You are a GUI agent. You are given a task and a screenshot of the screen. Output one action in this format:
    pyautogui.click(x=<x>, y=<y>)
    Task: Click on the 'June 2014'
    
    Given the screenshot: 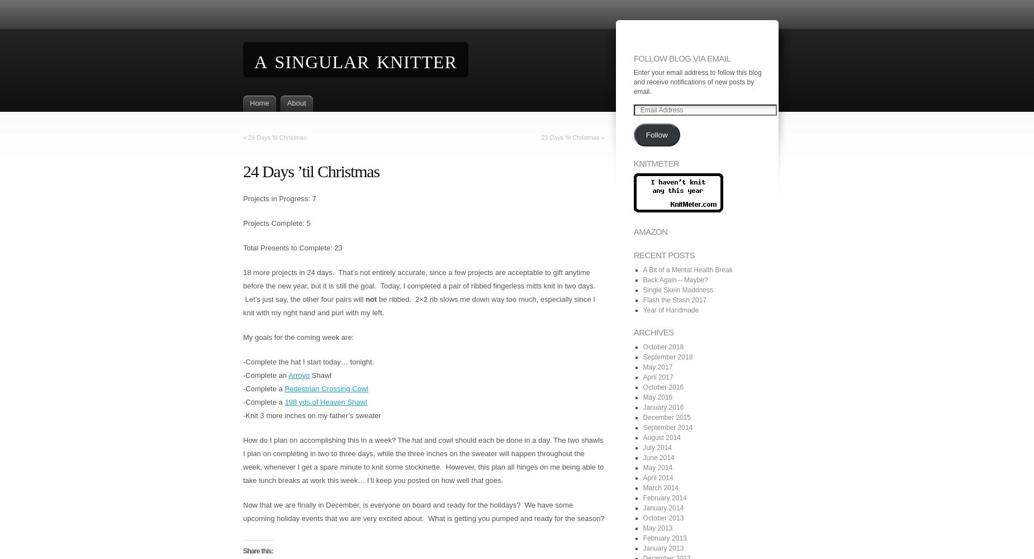 What is the action you would take?
    pyautogui.click(x=658, y=457)
    